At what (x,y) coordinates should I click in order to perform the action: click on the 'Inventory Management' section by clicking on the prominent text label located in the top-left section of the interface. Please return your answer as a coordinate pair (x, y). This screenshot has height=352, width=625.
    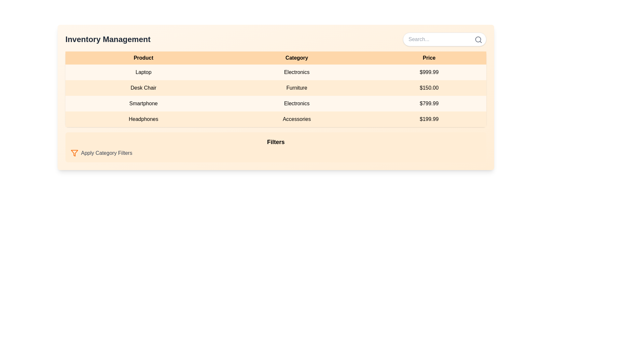
    Looking at the image, I should click on (108, 39).